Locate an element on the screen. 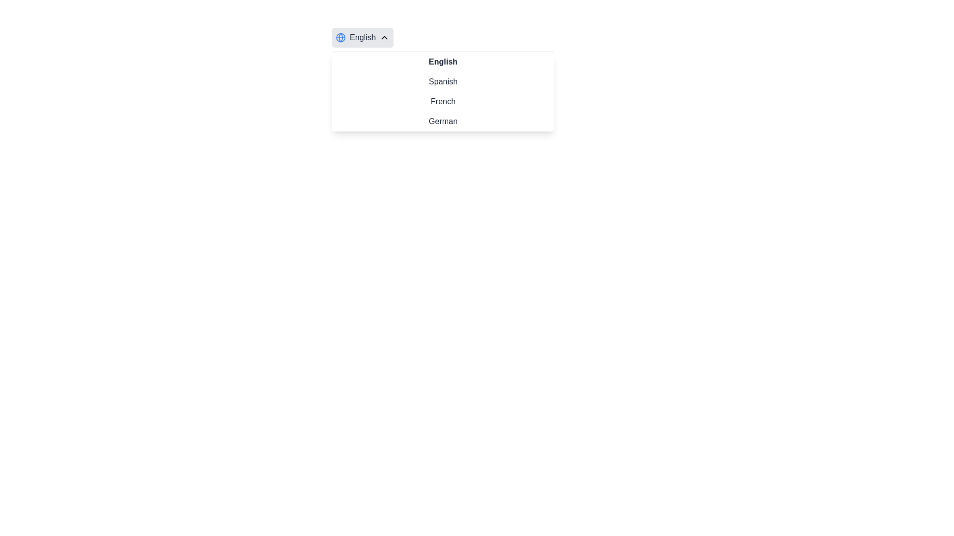  the chevron icon button located in the top-right corner of the 'English' UI component is located at coordinates (384, 37).